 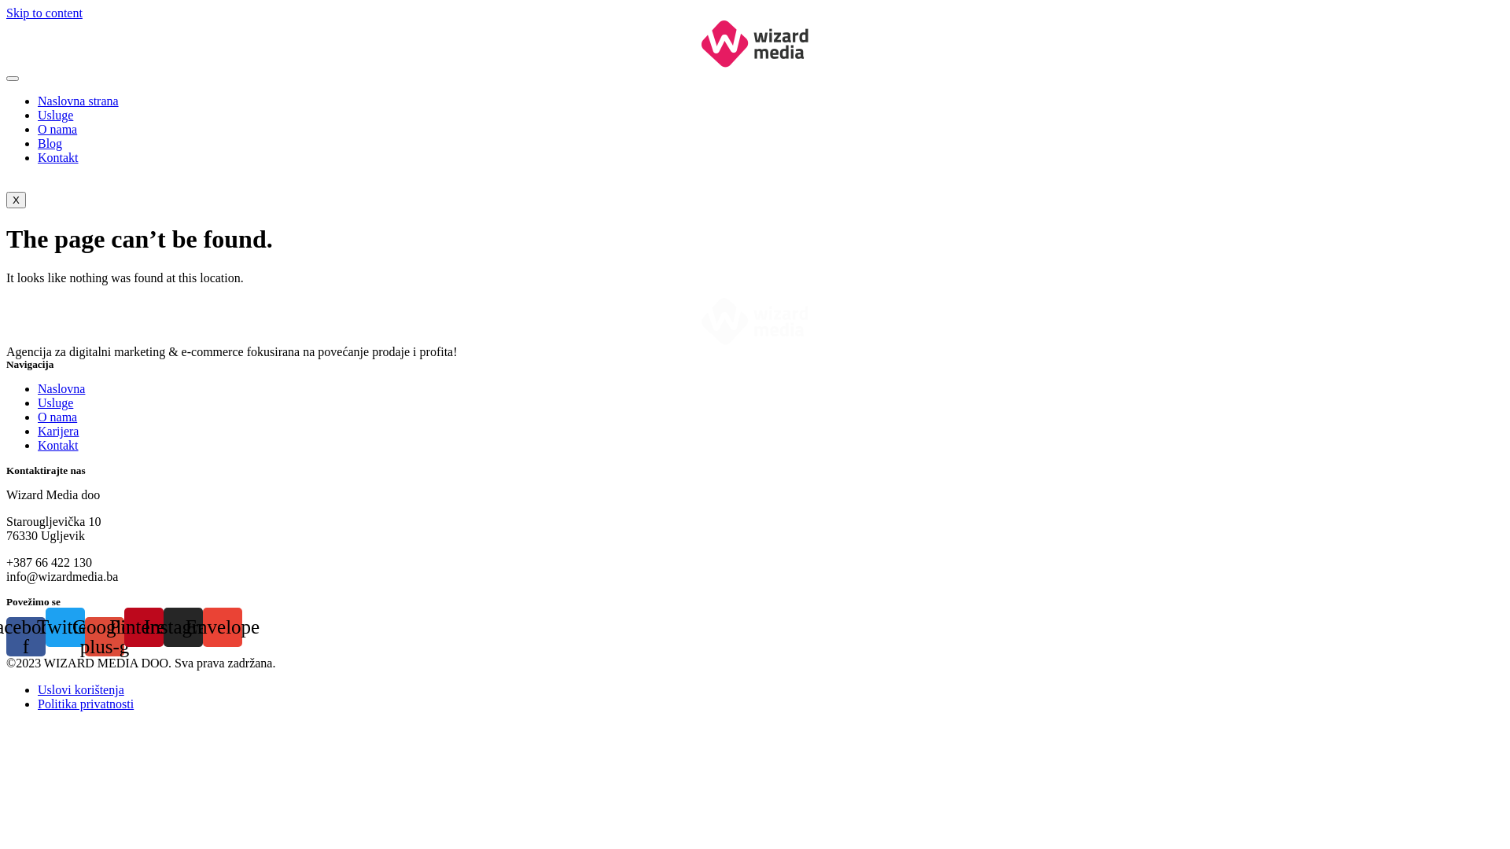 I want to click on 'Twitter', so click(x=64, y=627).